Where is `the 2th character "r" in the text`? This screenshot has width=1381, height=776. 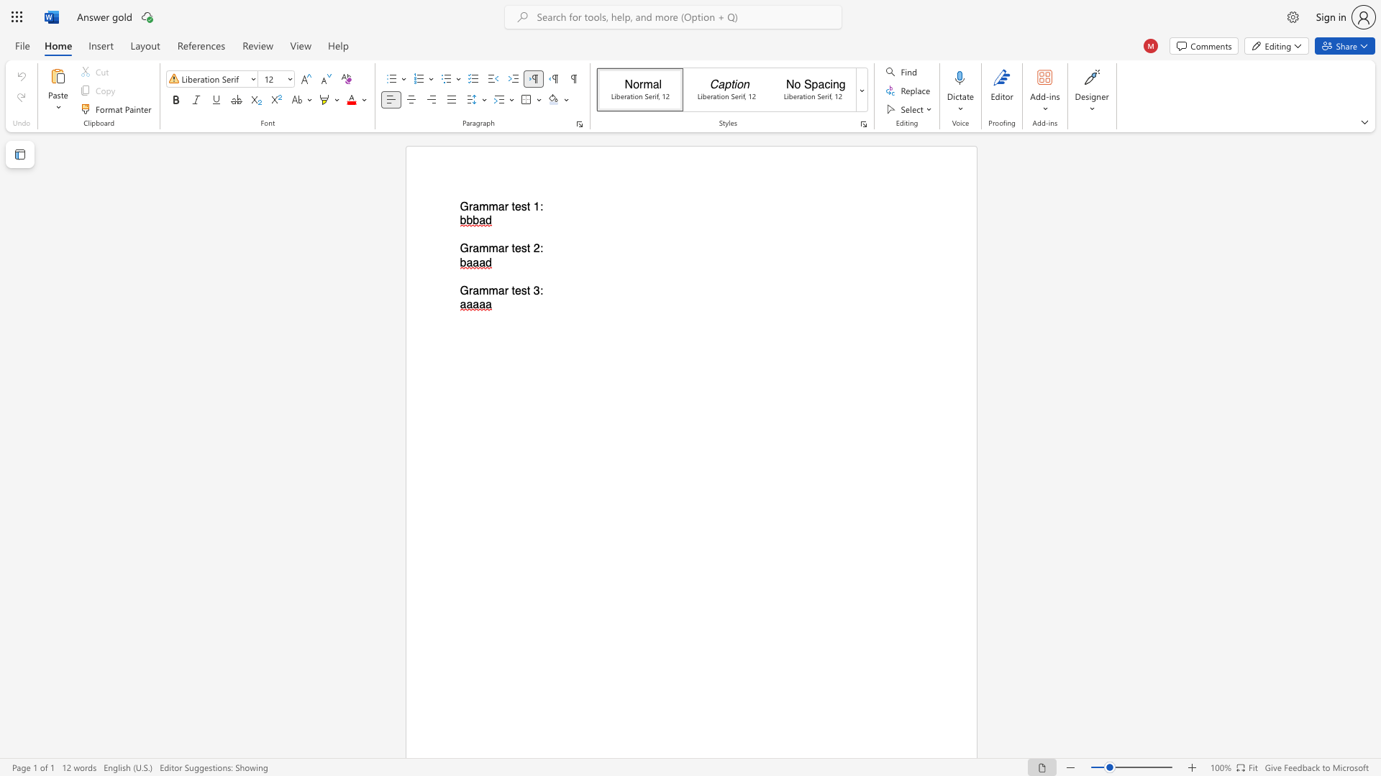
the 2th character "r" in the text is located at coordinates (506, 248).